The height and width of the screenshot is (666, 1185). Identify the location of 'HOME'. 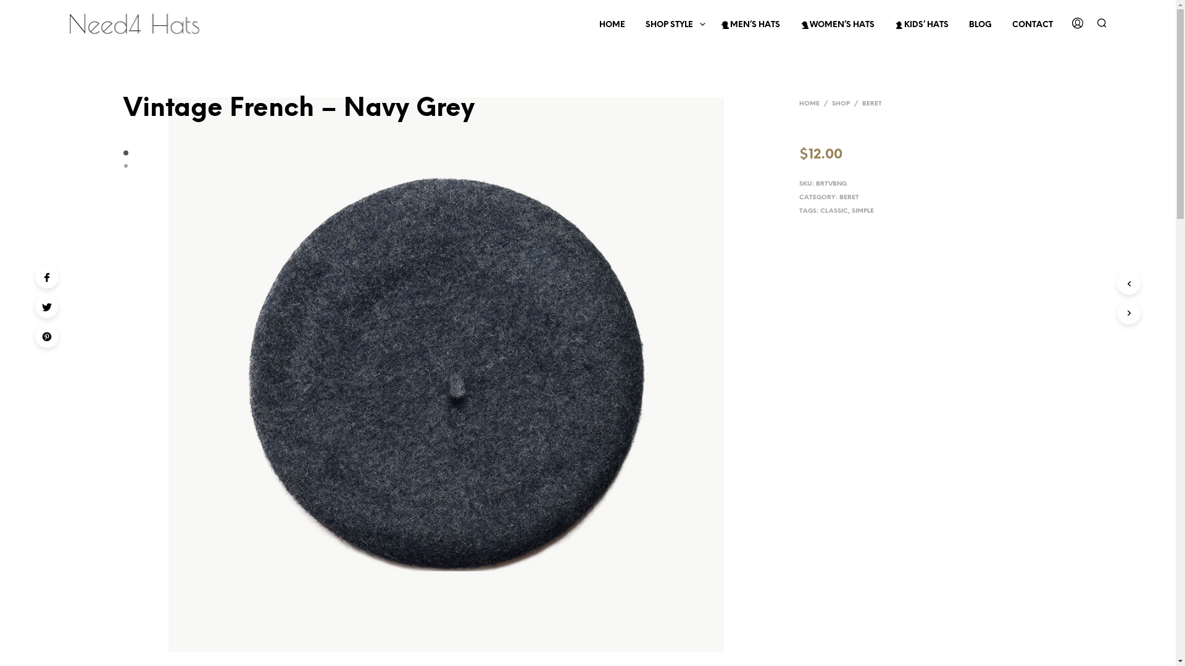
(612, 25).